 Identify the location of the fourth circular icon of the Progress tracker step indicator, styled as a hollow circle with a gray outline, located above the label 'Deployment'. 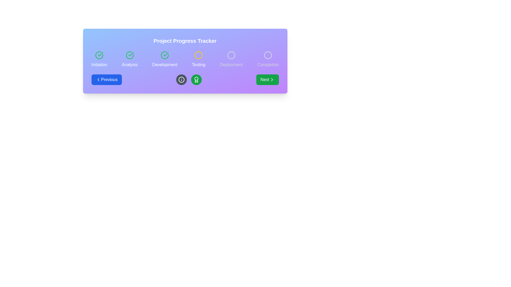
(231, 55).